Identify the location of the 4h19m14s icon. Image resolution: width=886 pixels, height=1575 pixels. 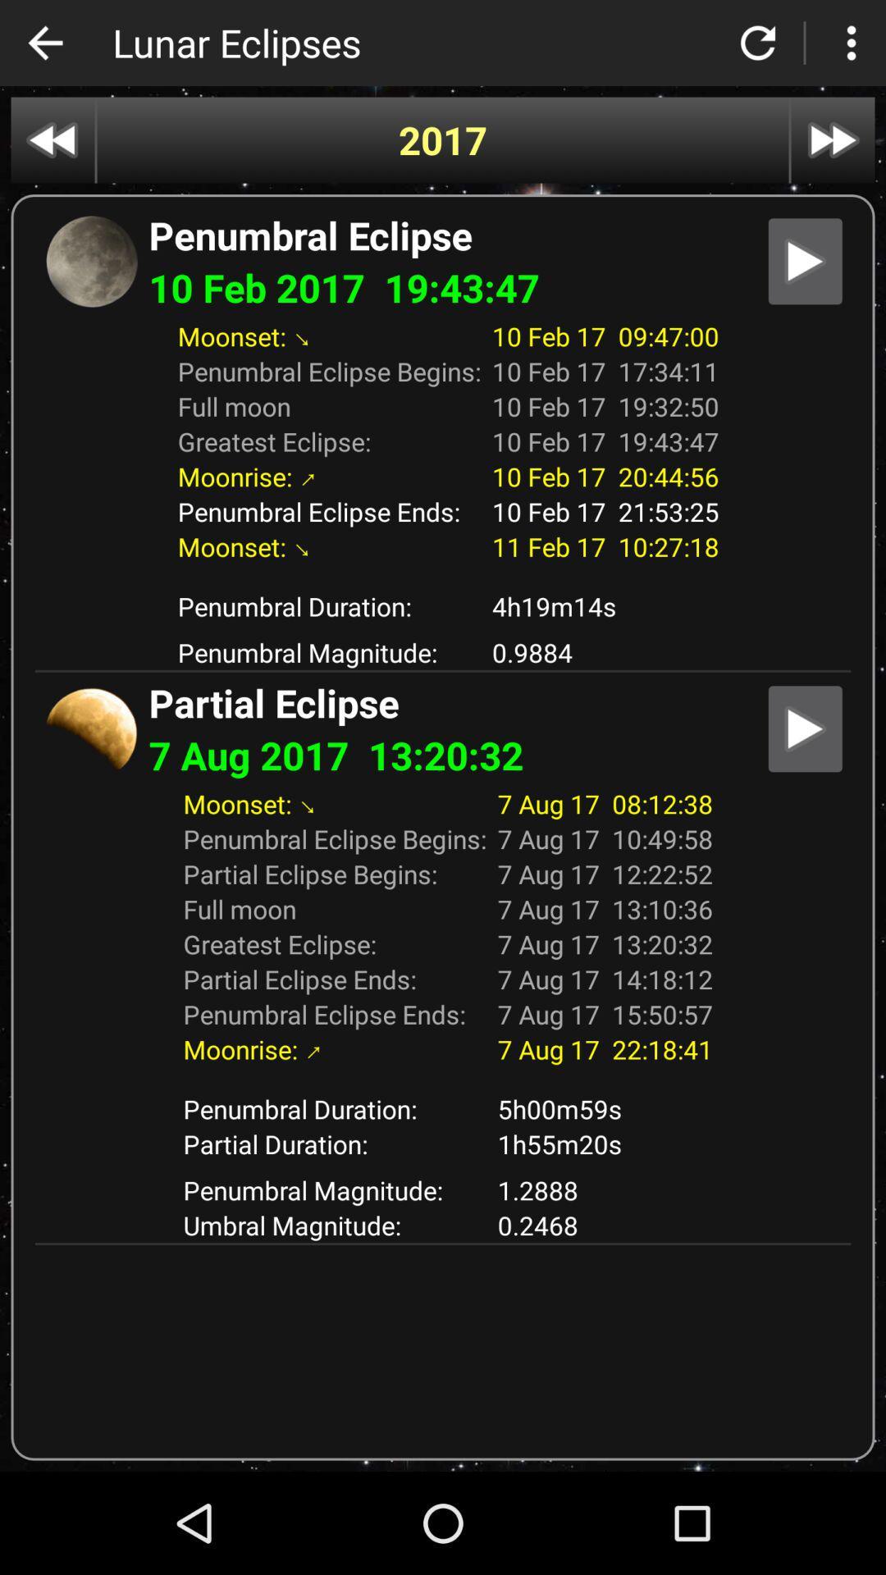
(605, 605).